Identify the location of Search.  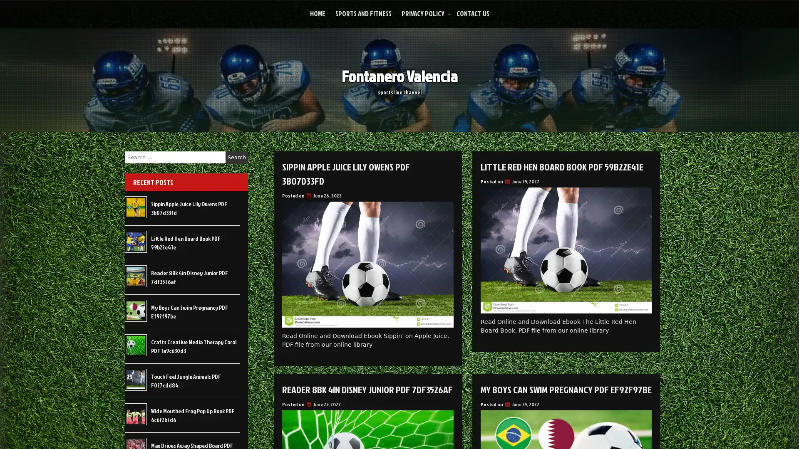
(236, 157).